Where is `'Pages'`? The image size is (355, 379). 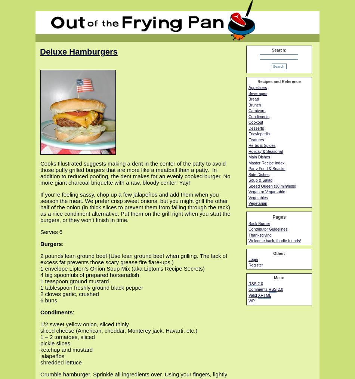 'Pages' is located at coordinates (278, 216).